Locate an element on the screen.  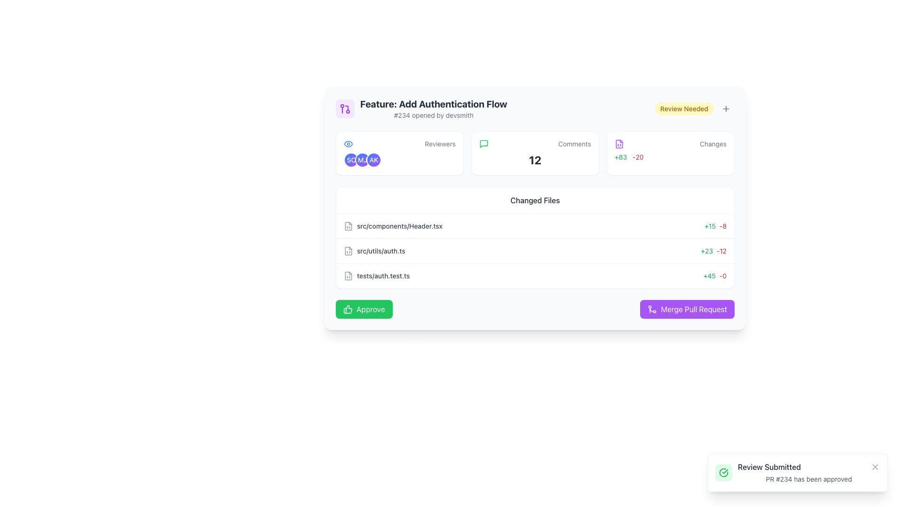
the text label indicating that pull request #234 has been approved, which is positioned under the 'Review Submitted' text in the notification box at the bottom-right corner of the interface is located at coordinates (808, 479).